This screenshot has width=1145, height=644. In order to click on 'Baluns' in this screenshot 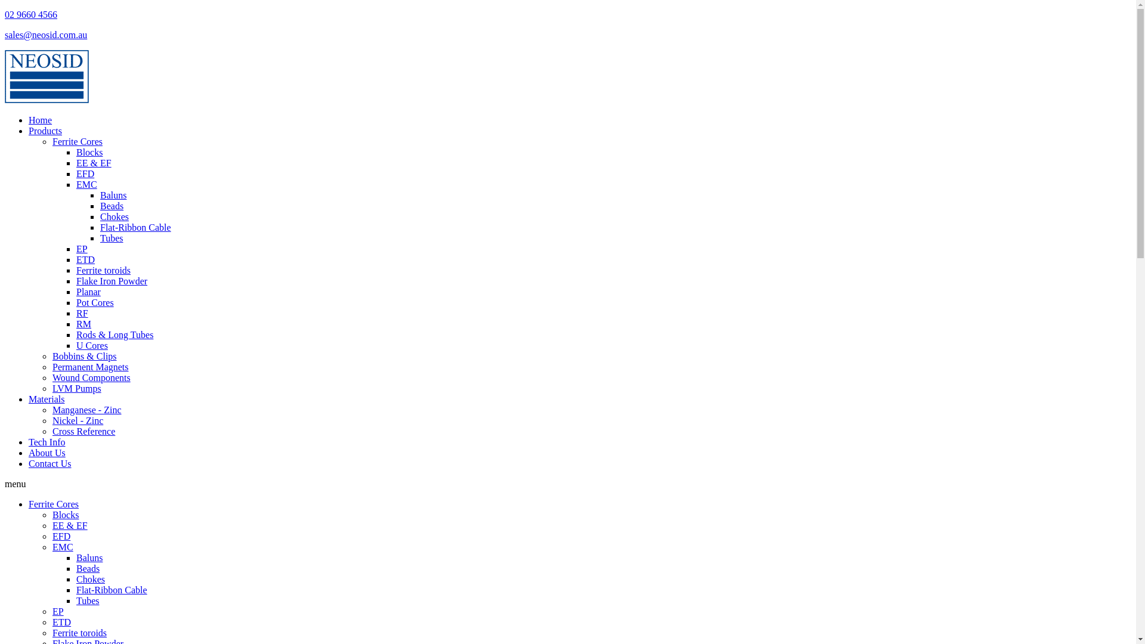, I will do `click(76, 558)`.